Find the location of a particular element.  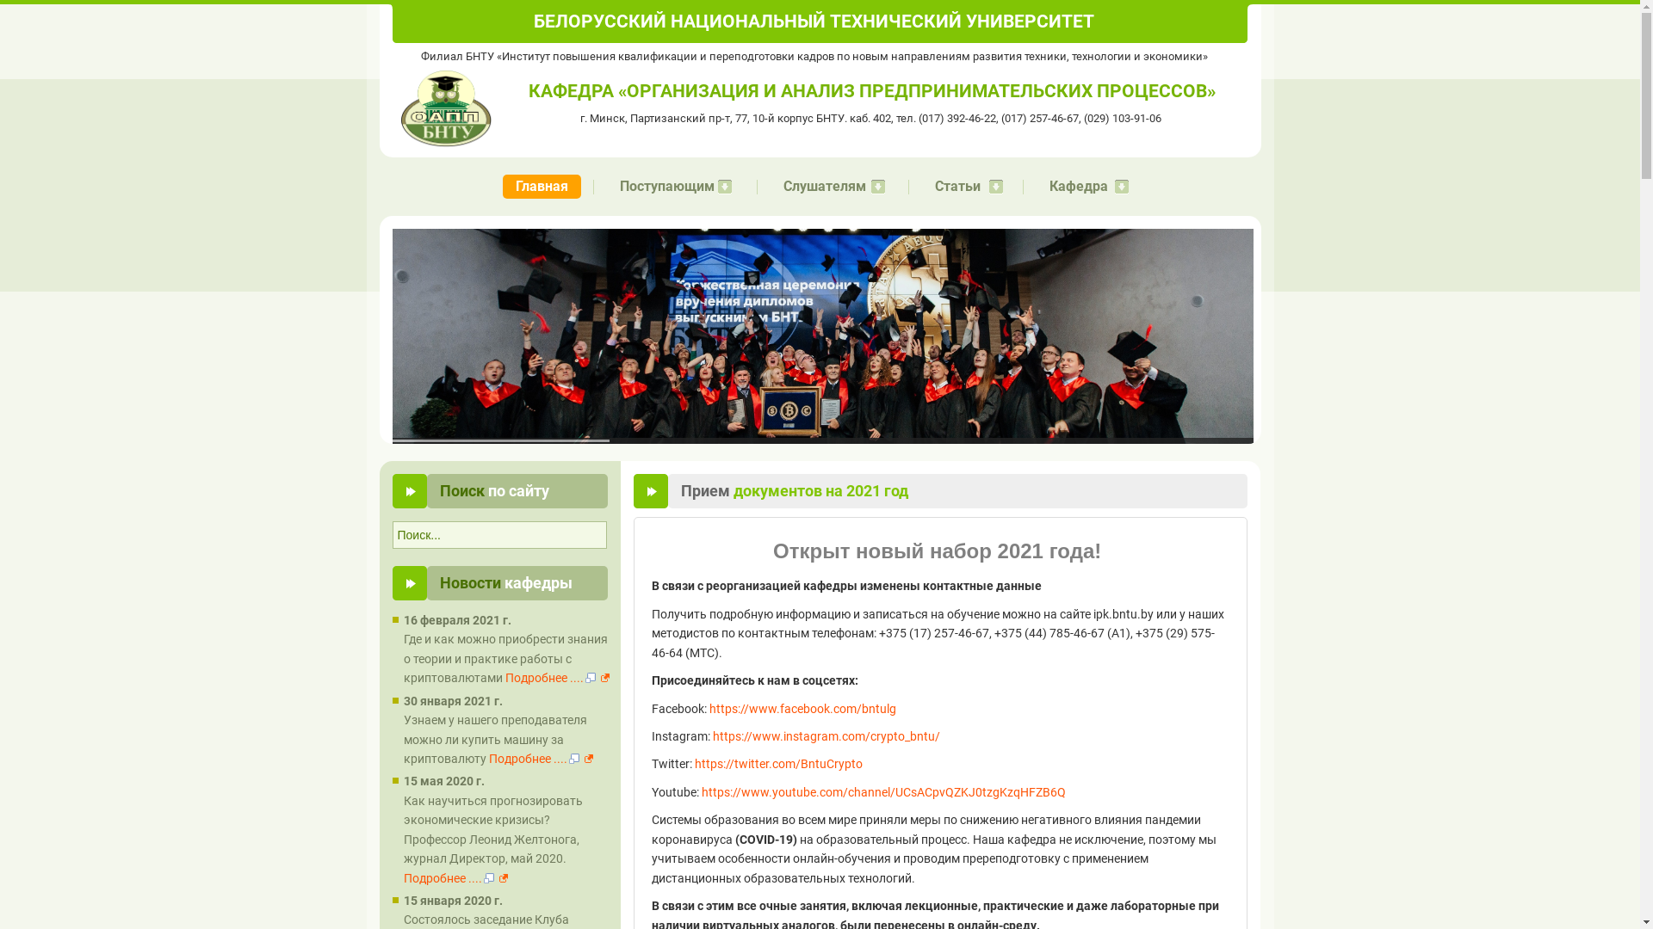

'https://www.youtube.com/channel/UCsACpvQZKJ0tzgKzqHFZB6Q' is located at coordinates (882, 792).